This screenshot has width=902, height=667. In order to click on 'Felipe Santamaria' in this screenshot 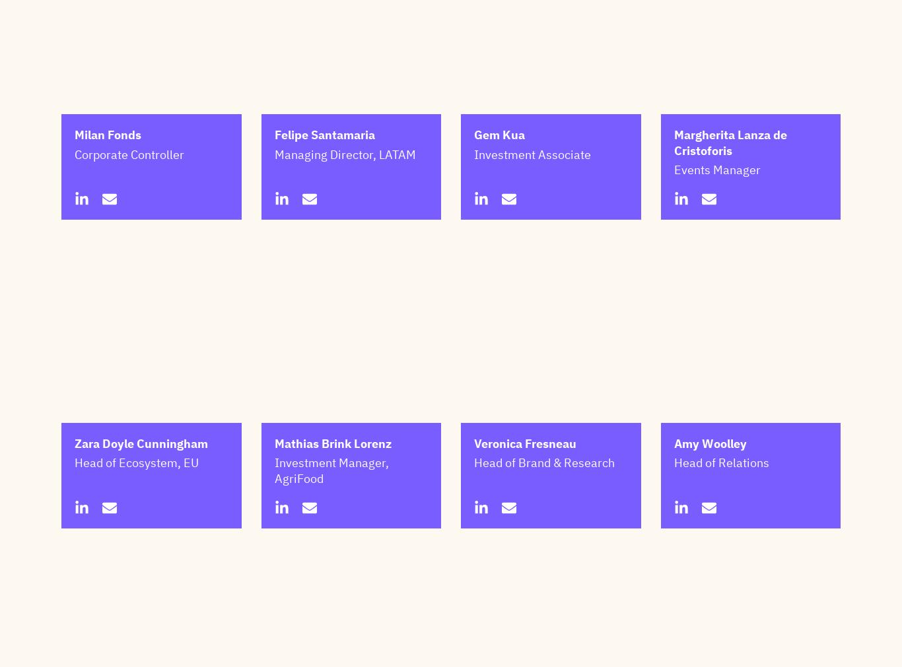, I will do `click(273, 201)`.